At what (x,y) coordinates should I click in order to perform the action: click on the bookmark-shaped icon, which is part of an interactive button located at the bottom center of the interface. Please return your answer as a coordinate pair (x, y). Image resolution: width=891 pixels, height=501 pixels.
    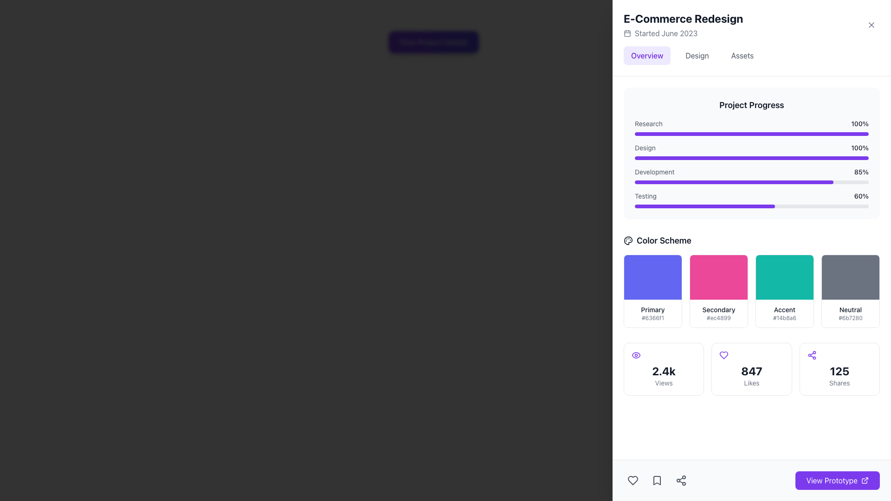
    Looking at the image, I should click on (657, 480).